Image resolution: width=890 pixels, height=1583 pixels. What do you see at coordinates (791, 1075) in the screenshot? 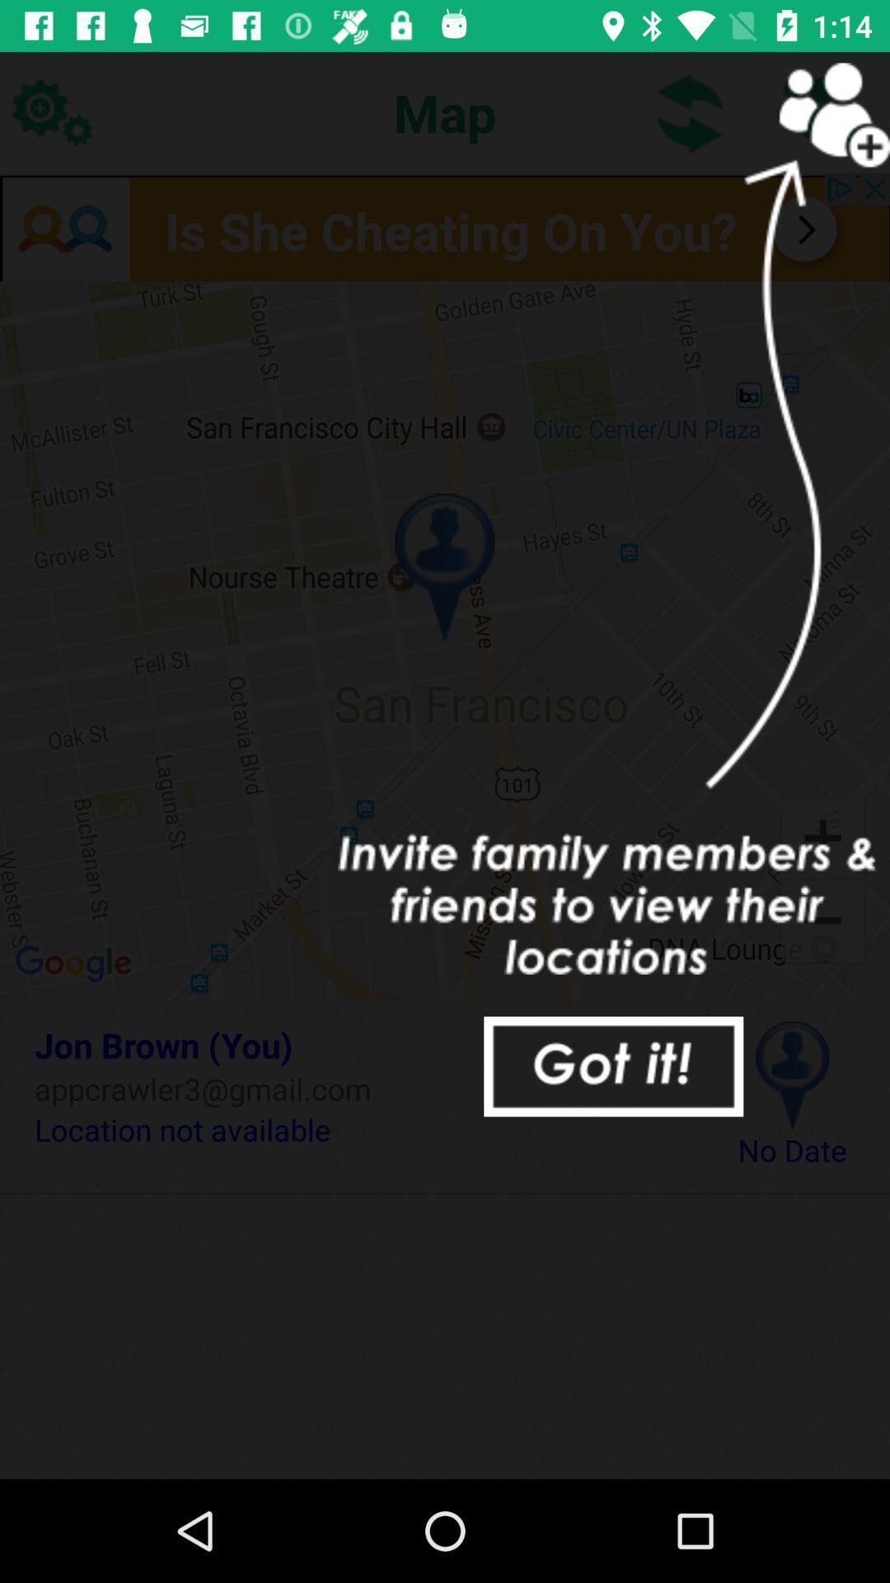
I see `the item to the right of the jon brown (you)` at bounding box center [791, 1075].